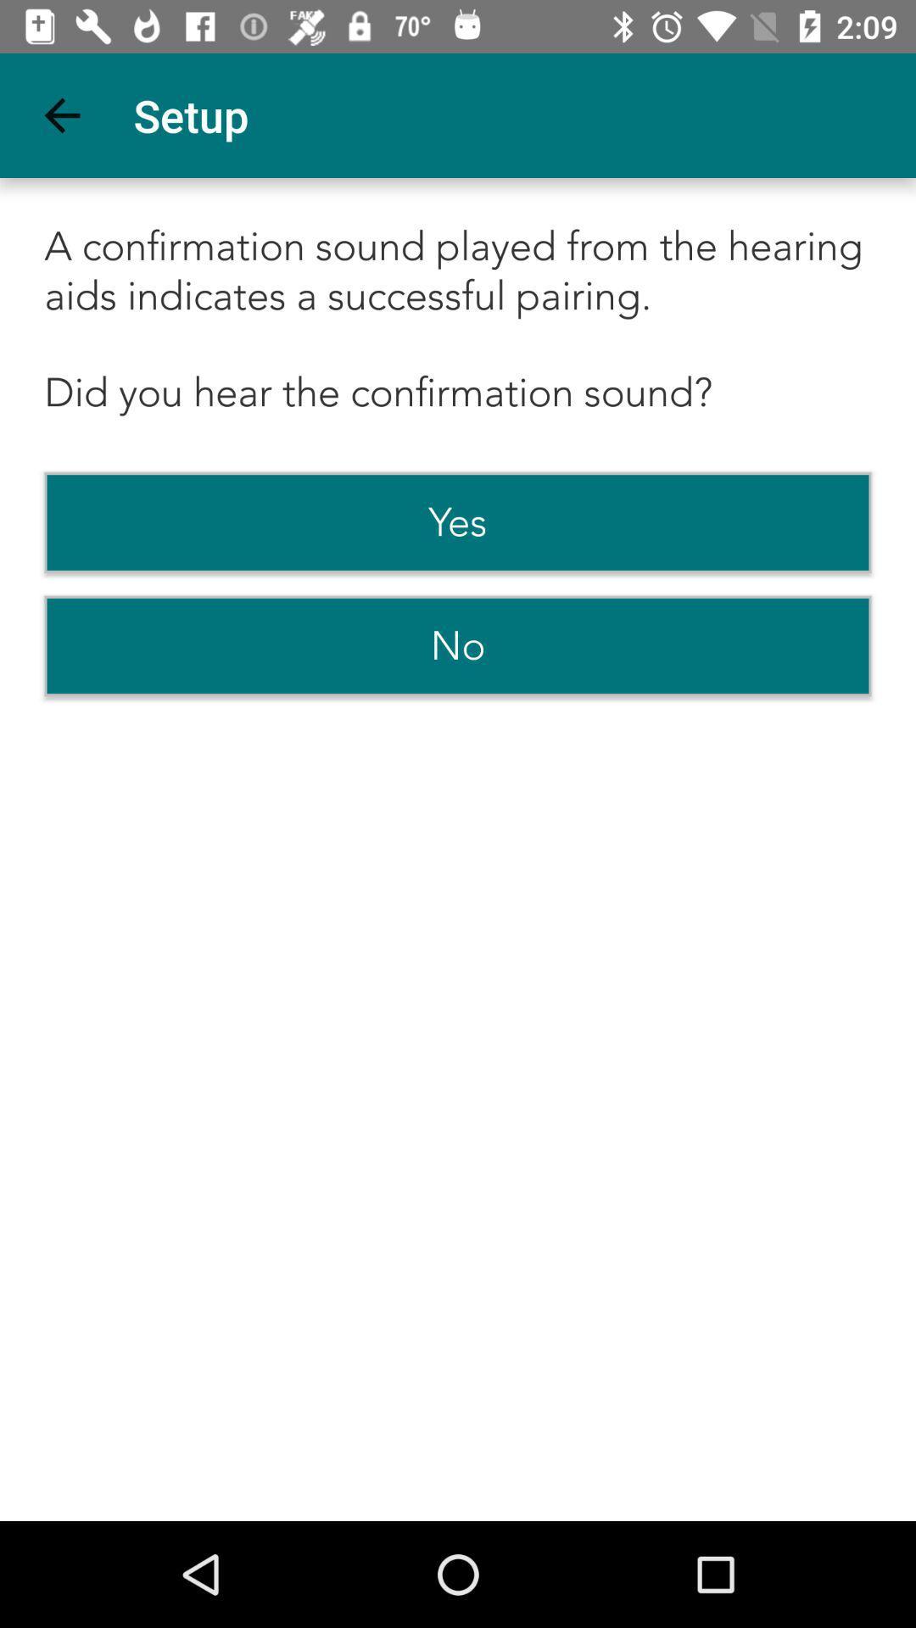  Describe the element at coordinates (458, 645) in the screenshot. I see `the icon at the center` at that location.